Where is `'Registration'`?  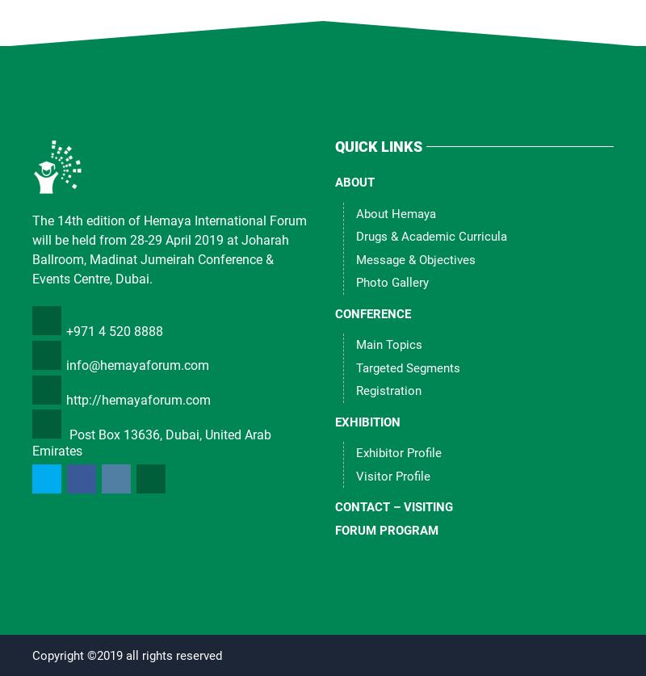 'Registration' is located at coordinates (388, 390).